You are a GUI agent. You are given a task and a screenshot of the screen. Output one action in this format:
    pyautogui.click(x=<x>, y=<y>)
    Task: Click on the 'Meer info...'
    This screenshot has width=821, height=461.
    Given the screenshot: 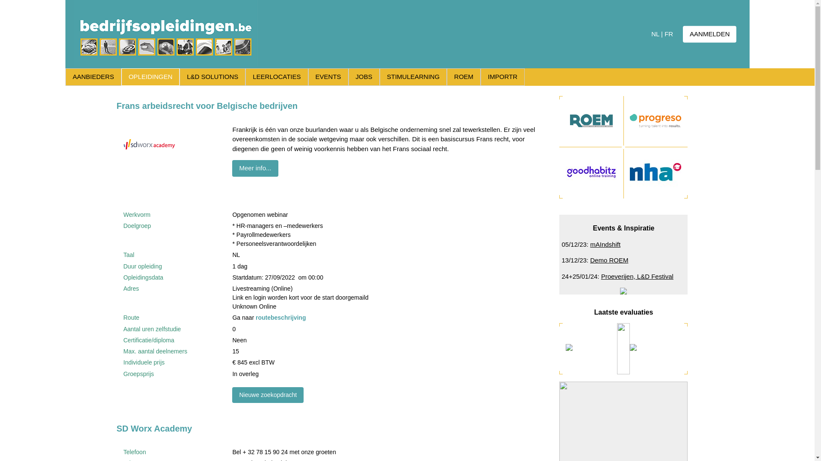 What is the action you would take?
    pyautogui.click(x=232, y=168)
    